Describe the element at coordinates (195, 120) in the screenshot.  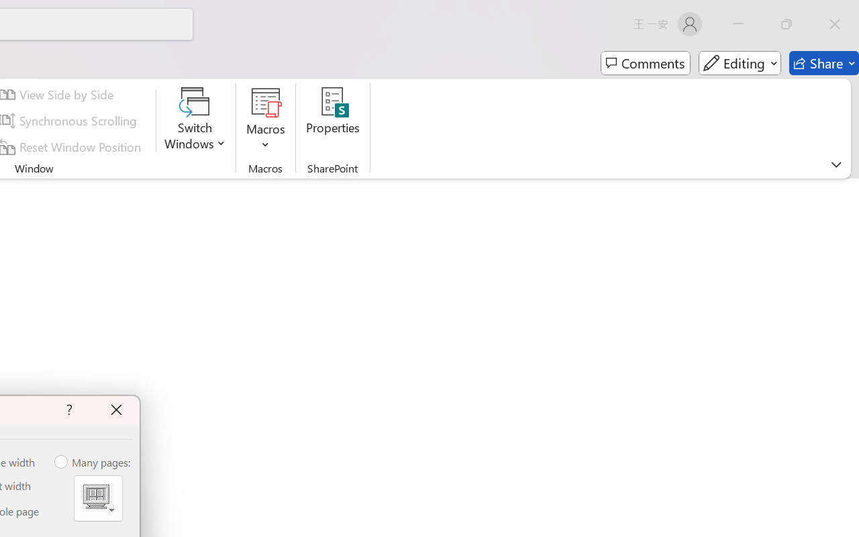
I see `'Switch Windows'` at that location.